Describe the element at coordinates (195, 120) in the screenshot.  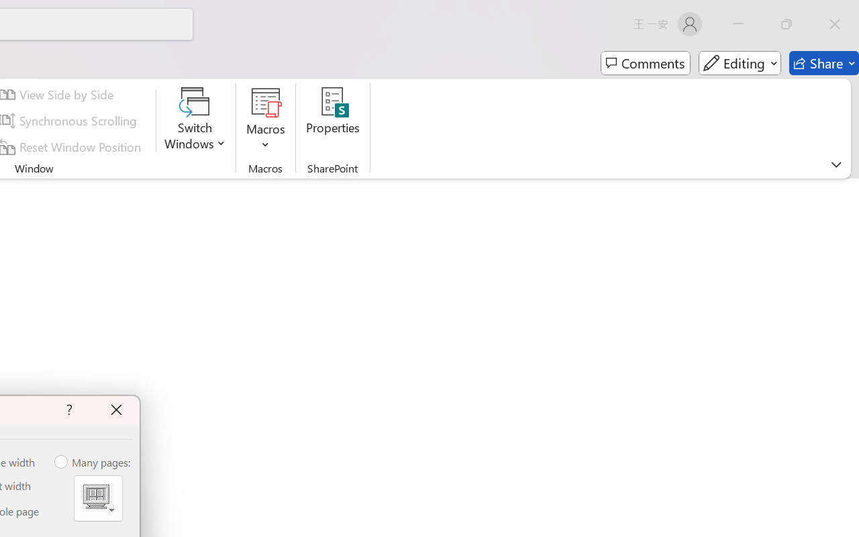
I see `'Switch Windows'` at that location.